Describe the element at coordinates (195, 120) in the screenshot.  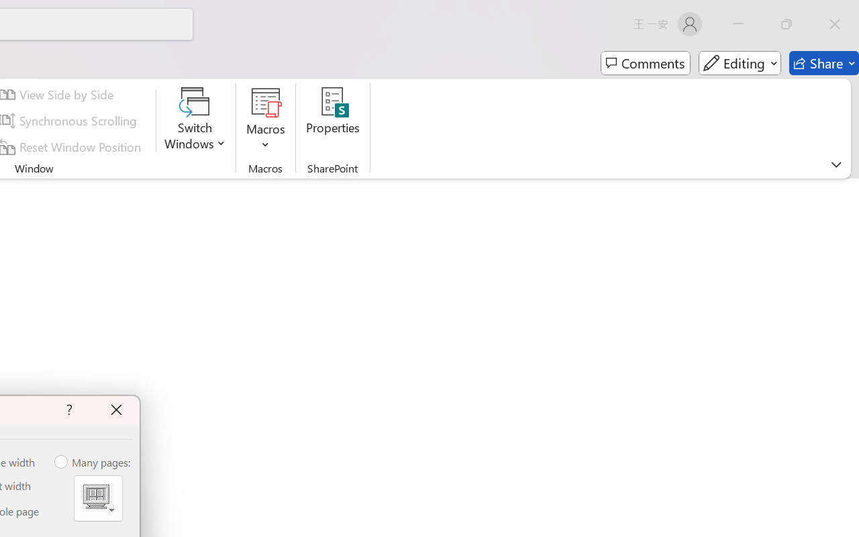
I see `'Switch Windows'` at that location.